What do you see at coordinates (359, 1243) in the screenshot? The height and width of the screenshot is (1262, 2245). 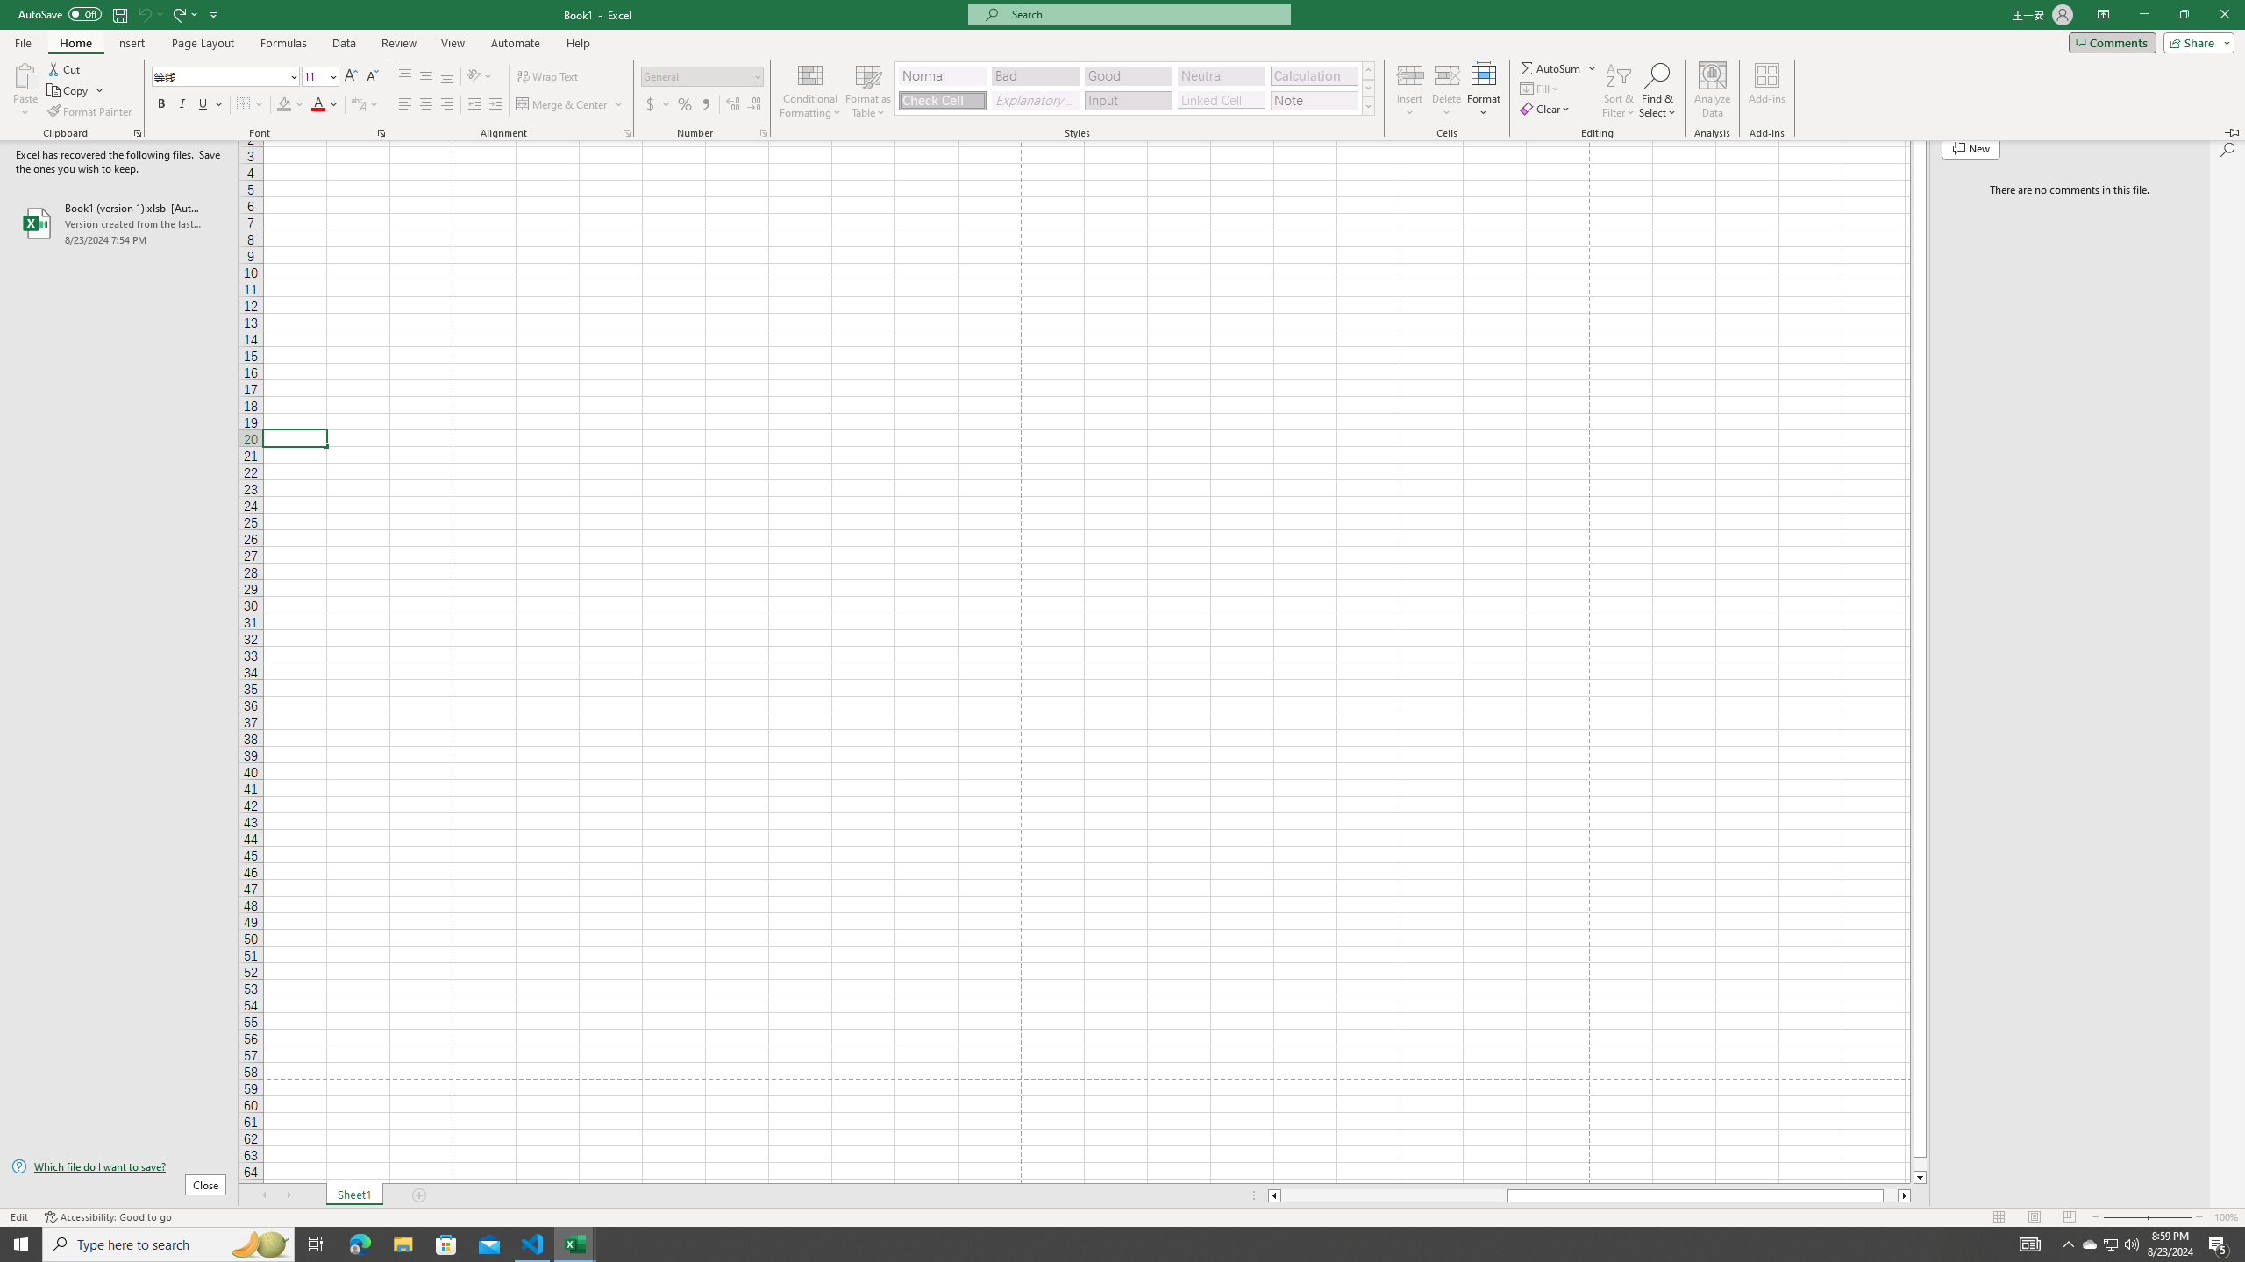 I see `'Microsoft Edge'` at bounding box center [359, 1243].